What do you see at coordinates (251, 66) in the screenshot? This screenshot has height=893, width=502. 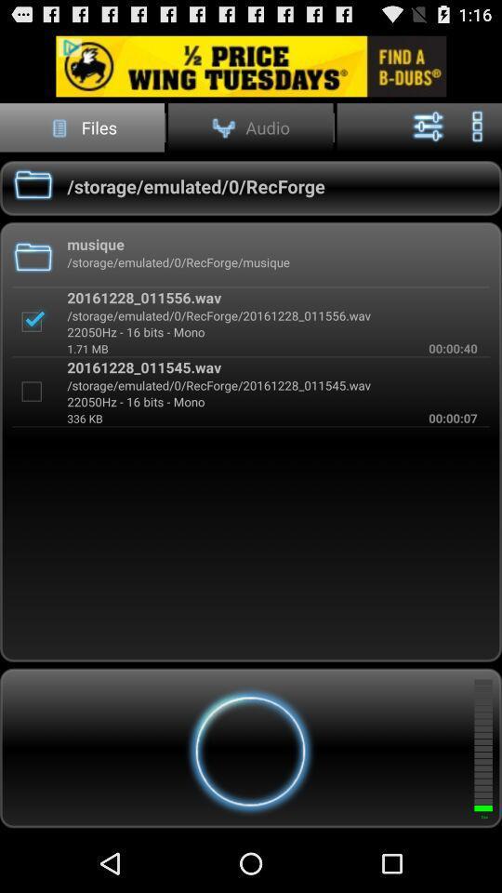 I see `advertisement link` at bounding box center [251, 66].